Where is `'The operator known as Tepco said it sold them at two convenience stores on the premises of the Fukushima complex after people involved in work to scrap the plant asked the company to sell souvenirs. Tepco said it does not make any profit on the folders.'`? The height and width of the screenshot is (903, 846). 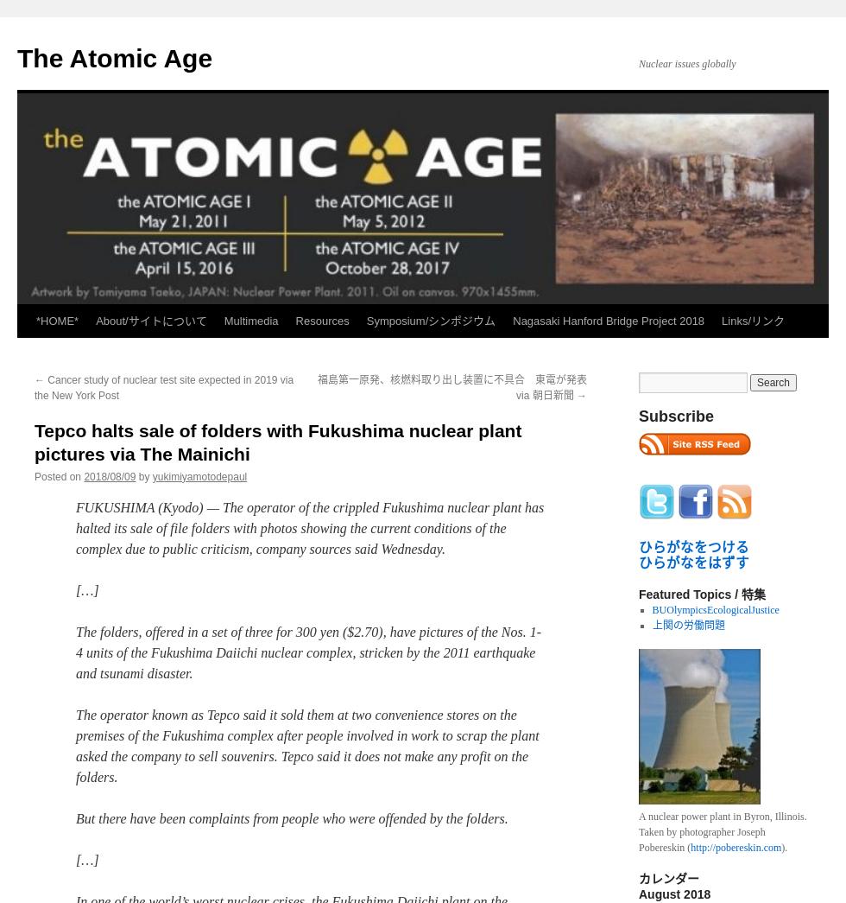
'The operator known as Tepco said it sold them at two convenience stores on the premises of the Fukushima complex after people involved in work to scrap the plant asked the company to sell souvenirs. Tepco said it does not make any profit on the folders.' is located at coordinates (307, 744).